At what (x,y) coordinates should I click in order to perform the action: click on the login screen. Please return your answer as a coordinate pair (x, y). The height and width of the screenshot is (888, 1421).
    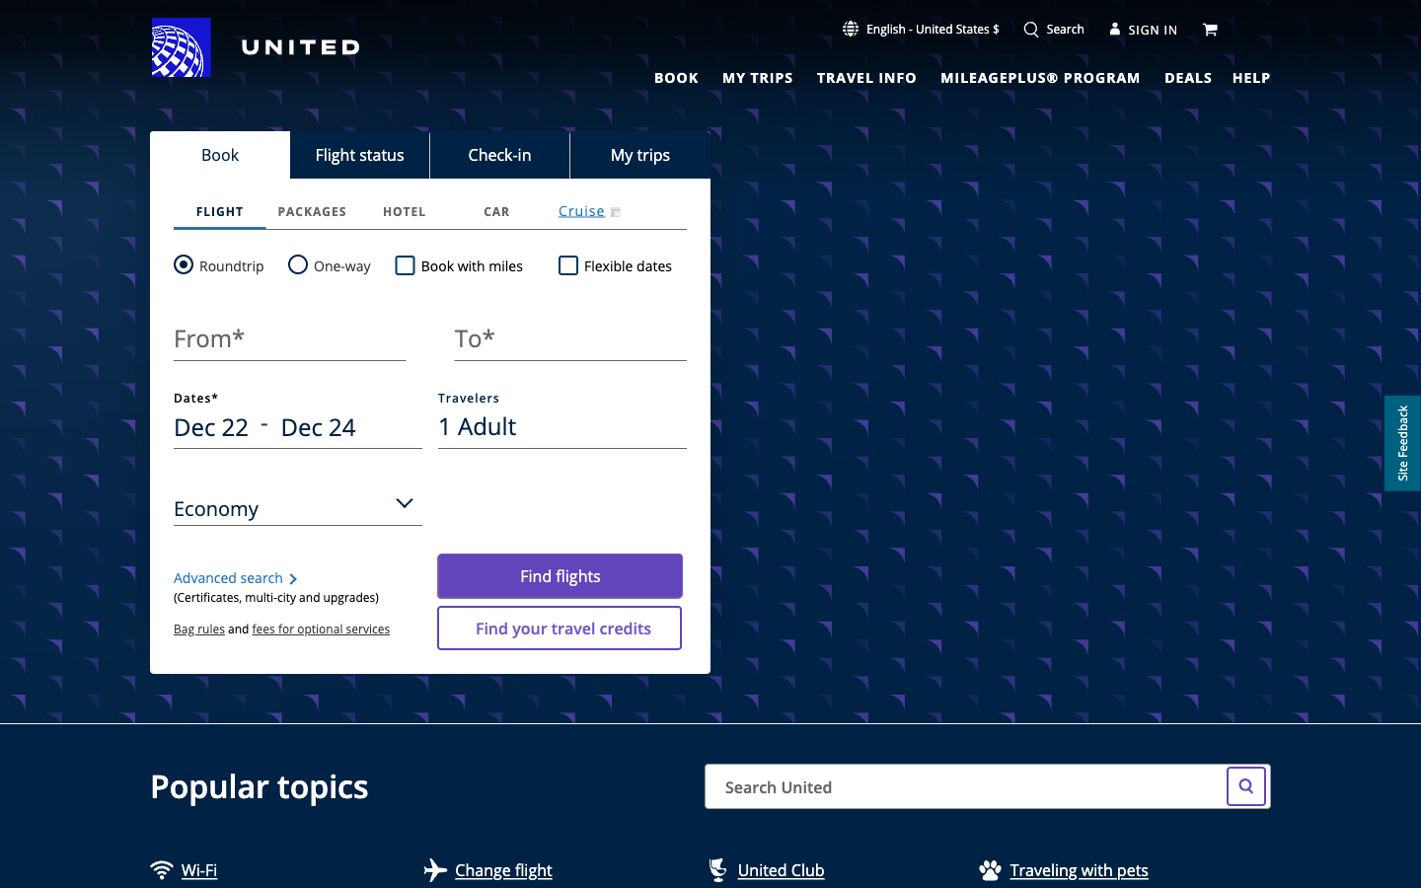
    Looking at the image, I should click on (1144, 28).